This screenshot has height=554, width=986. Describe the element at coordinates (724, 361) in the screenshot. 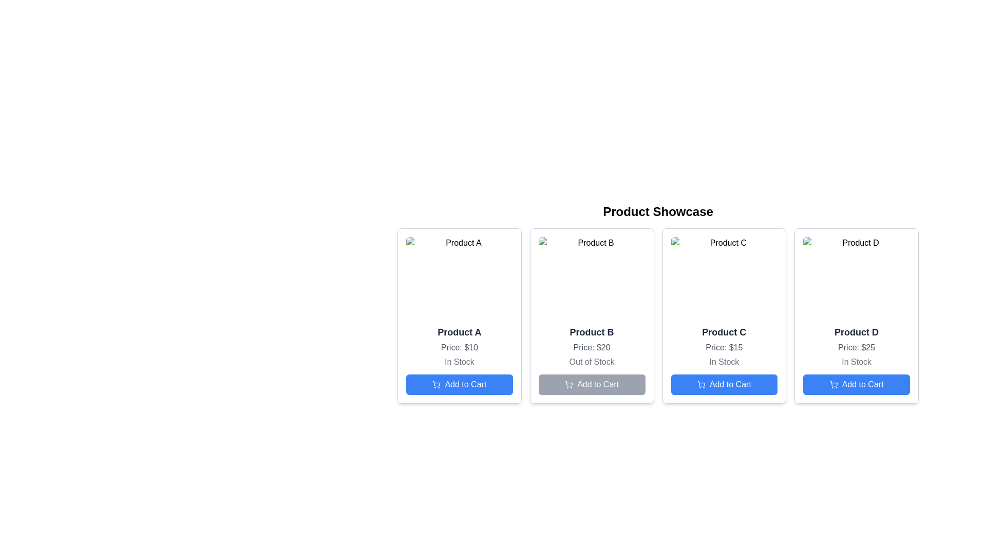

I see `the informational text label indicating the availability status of 'Product C', which is positioned centrally below the price information and above the 'Add to Cart' button` at that location.